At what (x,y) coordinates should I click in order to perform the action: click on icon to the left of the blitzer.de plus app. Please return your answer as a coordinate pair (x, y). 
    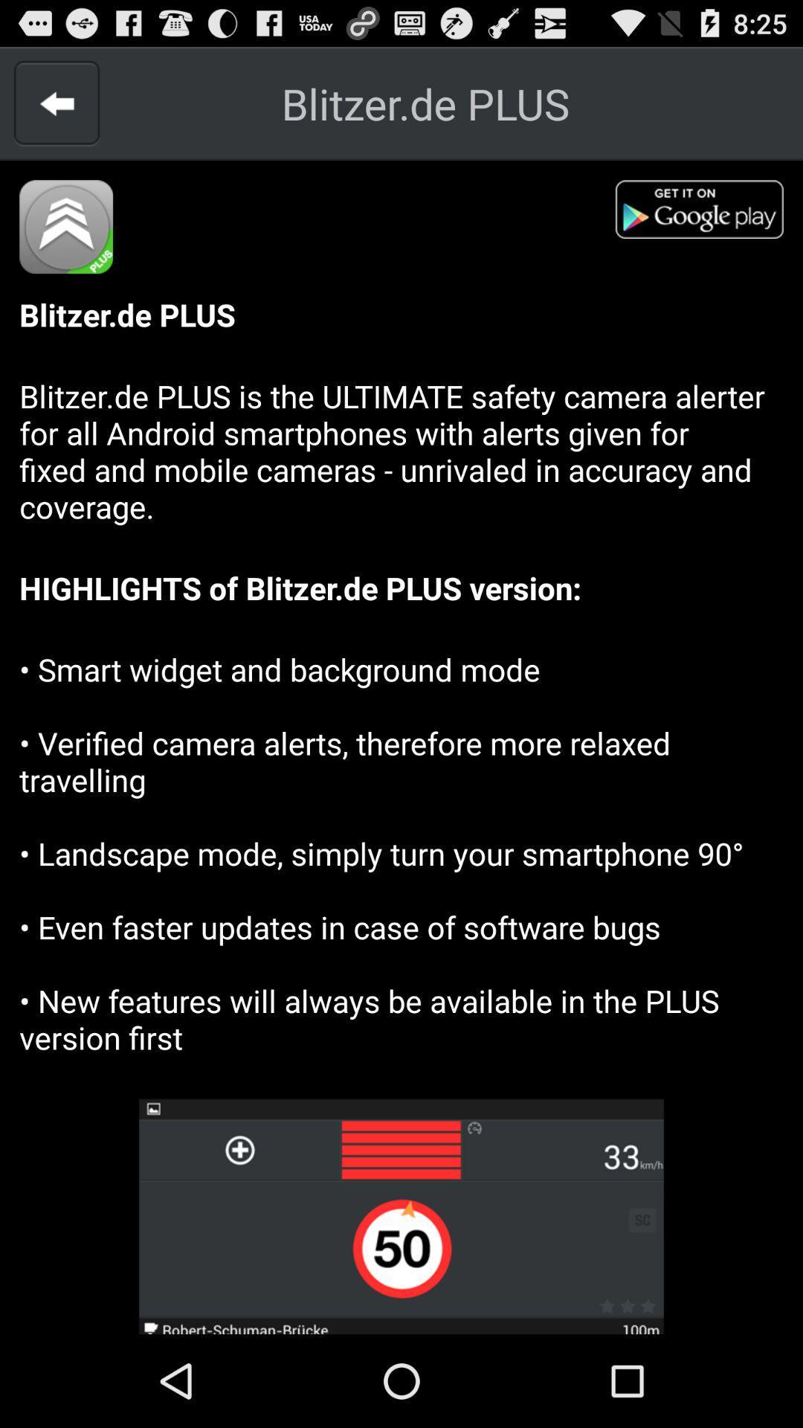
    Looking at the image, I should click on (56, 103).